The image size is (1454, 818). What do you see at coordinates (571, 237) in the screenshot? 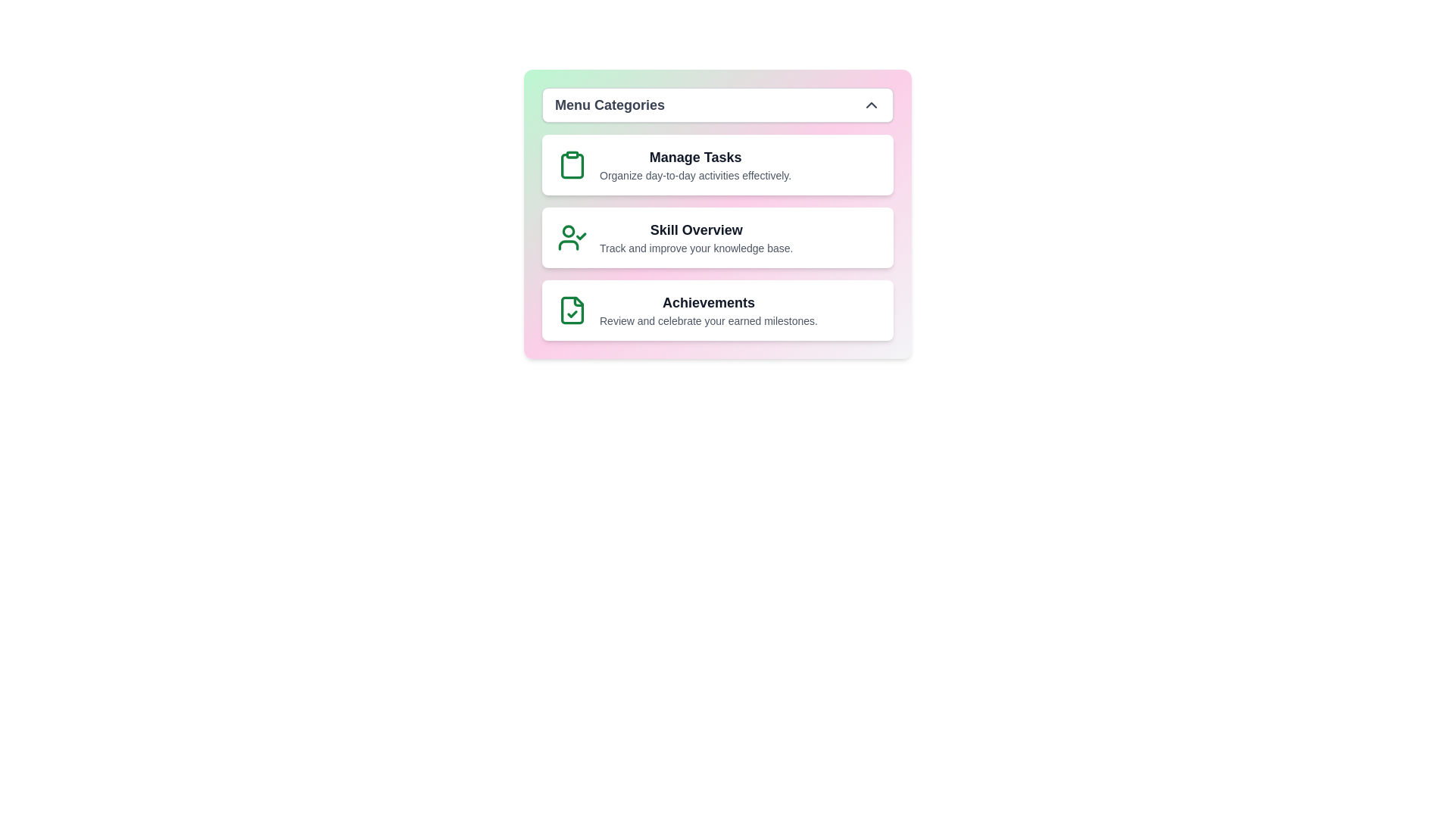
I see `the icon associated with the Skill Overview category` at bounding box center [571, 237].